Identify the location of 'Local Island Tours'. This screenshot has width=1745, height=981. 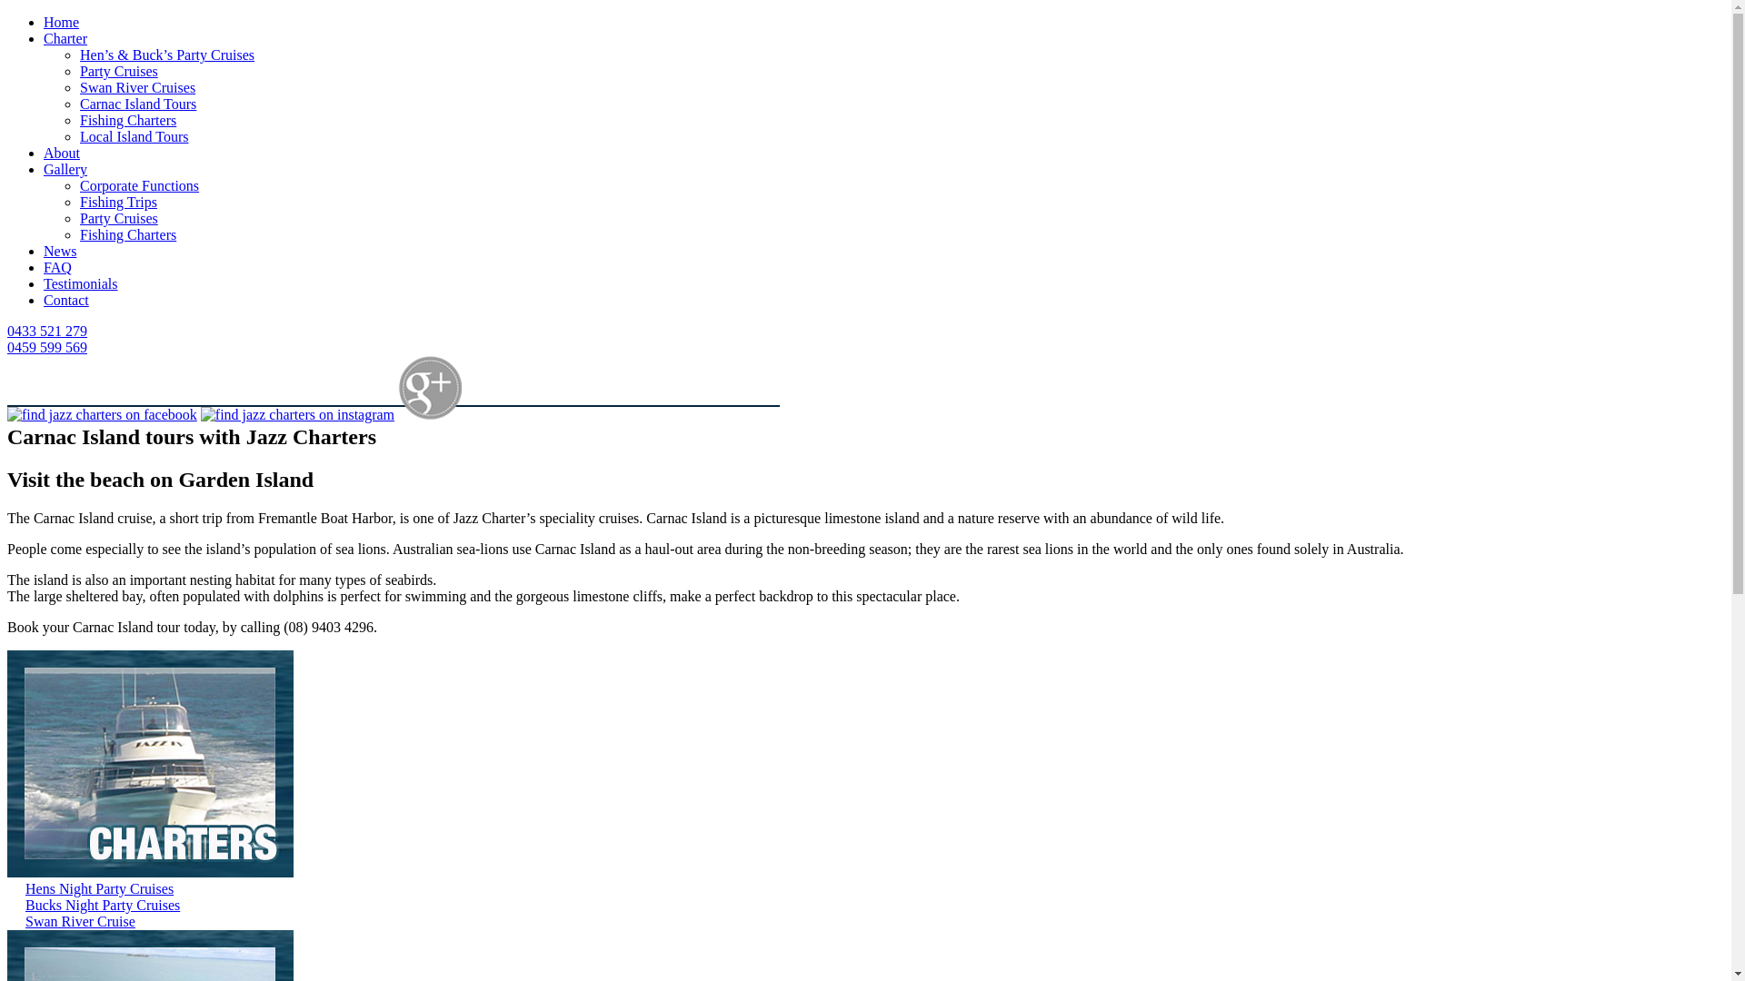
(133, 135).